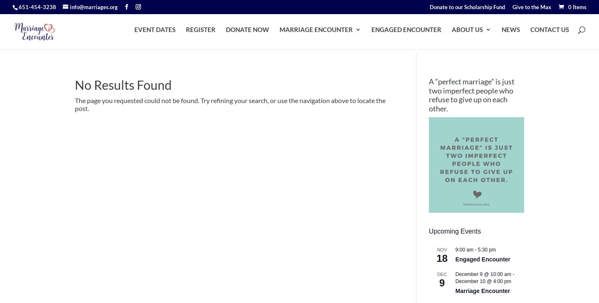 Image resolution: width=599 pixels, height=303 pixels. Describe the element at coordinates (316, 33) in the screenshot. I see `'MARRIAGE ENCOUNTER'` at that location.